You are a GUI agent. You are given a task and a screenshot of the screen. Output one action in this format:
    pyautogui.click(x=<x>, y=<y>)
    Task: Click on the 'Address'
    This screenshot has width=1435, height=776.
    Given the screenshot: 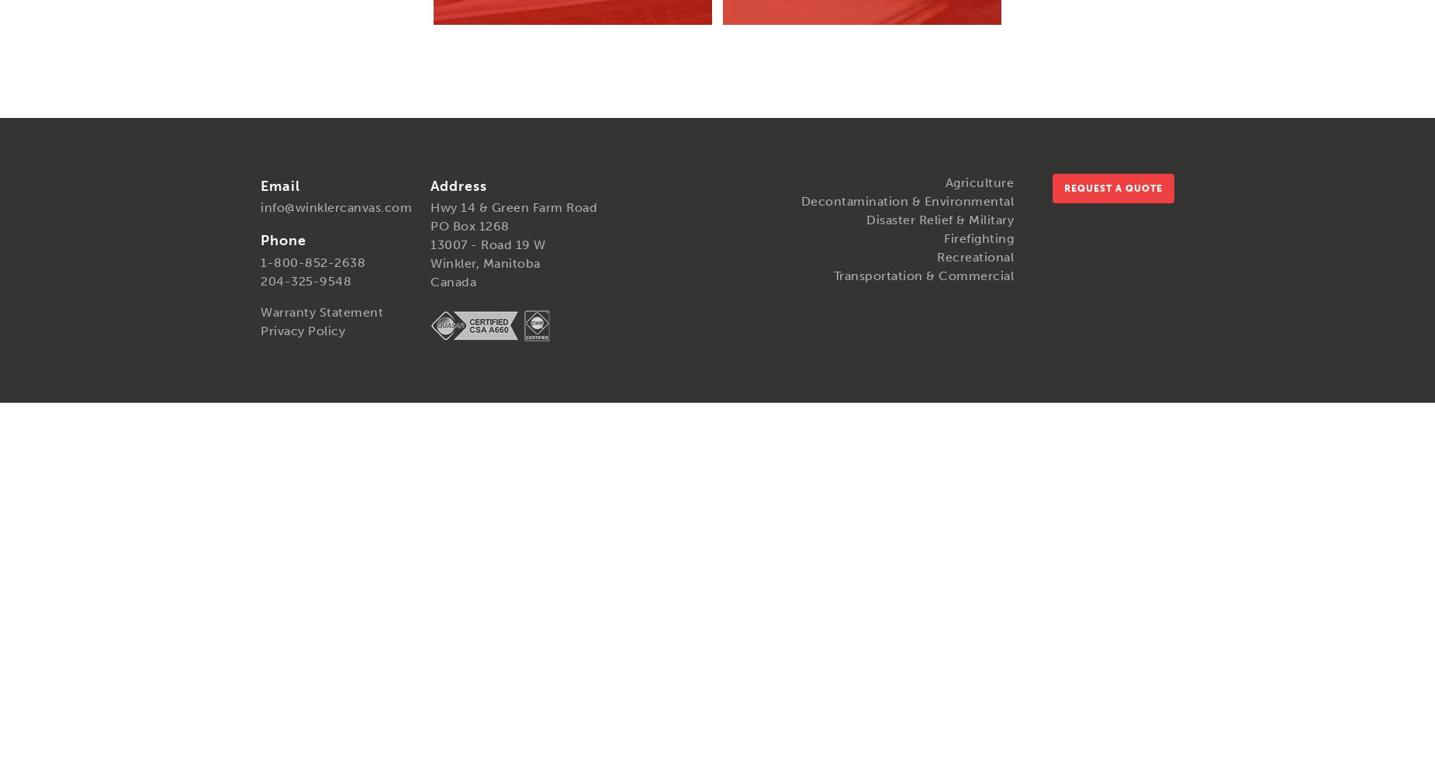 What is the action you would take?
    pyautogui.click(x=458, y=185)
    